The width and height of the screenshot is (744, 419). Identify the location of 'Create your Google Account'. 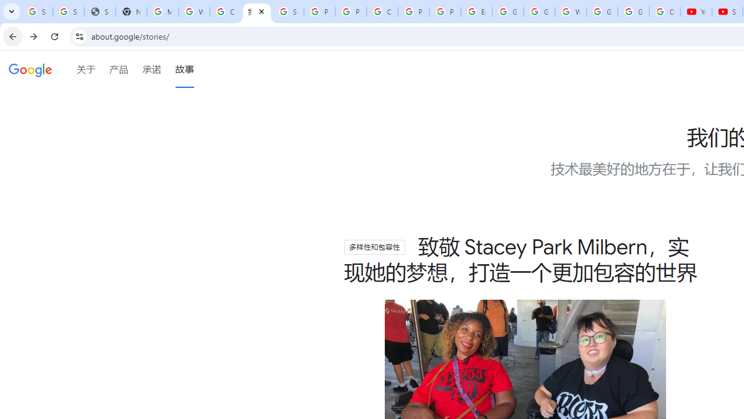
(225, 12).